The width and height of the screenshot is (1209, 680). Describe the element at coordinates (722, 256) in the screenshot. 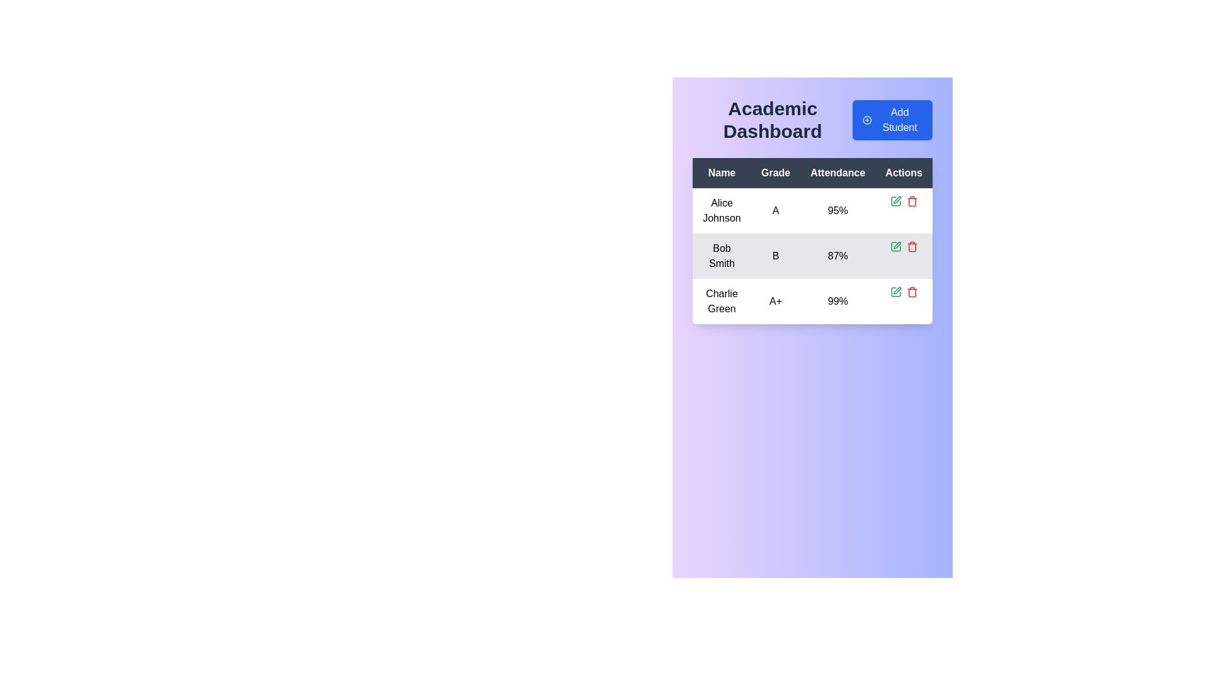

I see `the Text label displaying the name of an individual in the second row under the 'Name' header adjacent to the 'Grade' column` at that location.